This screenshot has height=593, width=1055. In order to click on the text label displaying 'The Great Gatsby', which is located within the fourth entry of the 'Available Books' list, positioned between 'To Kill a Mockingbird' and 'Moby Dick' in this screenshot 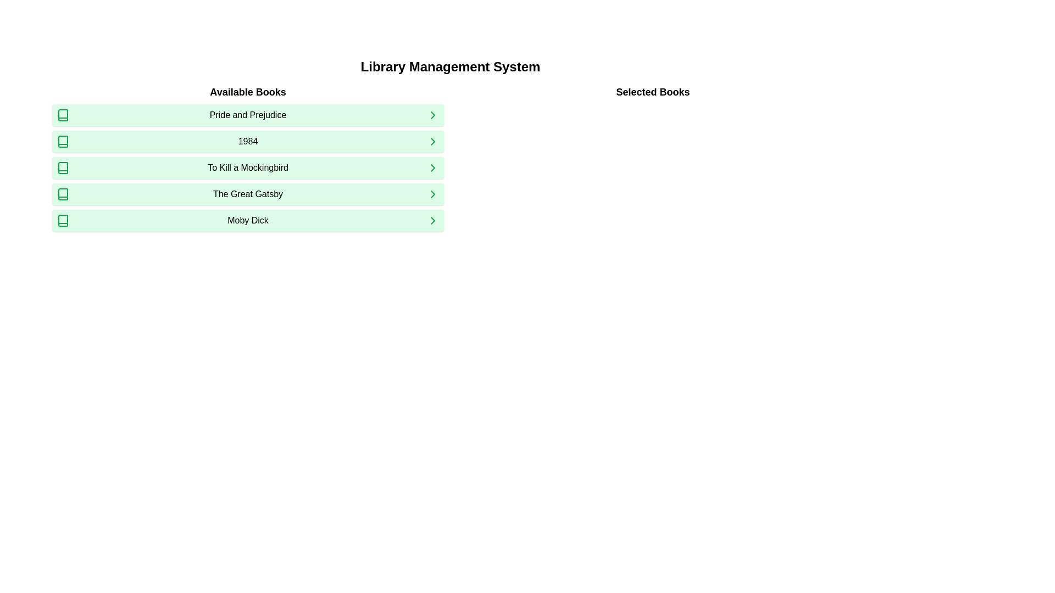, I will do `click(247, 194)`.